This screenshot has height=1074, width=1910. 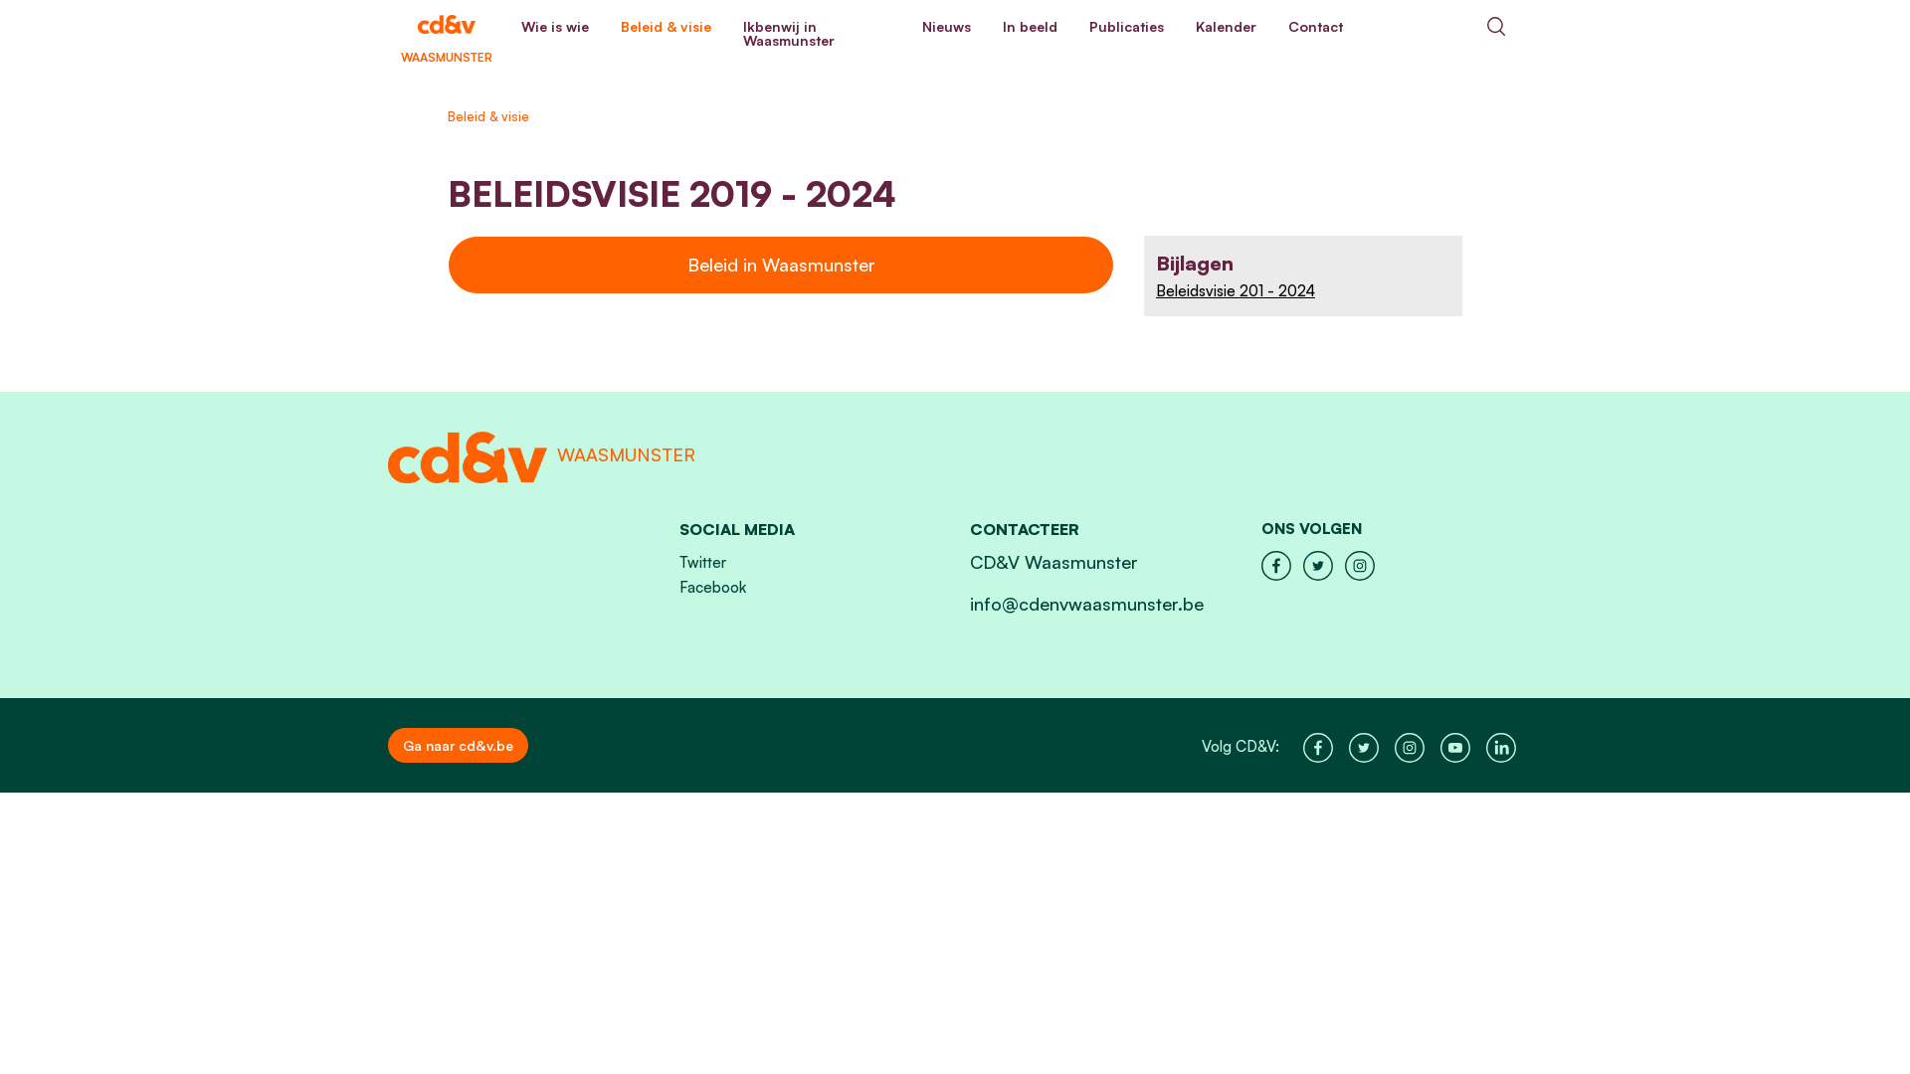 I want to click on 'info@cdenvwaasmunster.be', so click(x=969, y=602).